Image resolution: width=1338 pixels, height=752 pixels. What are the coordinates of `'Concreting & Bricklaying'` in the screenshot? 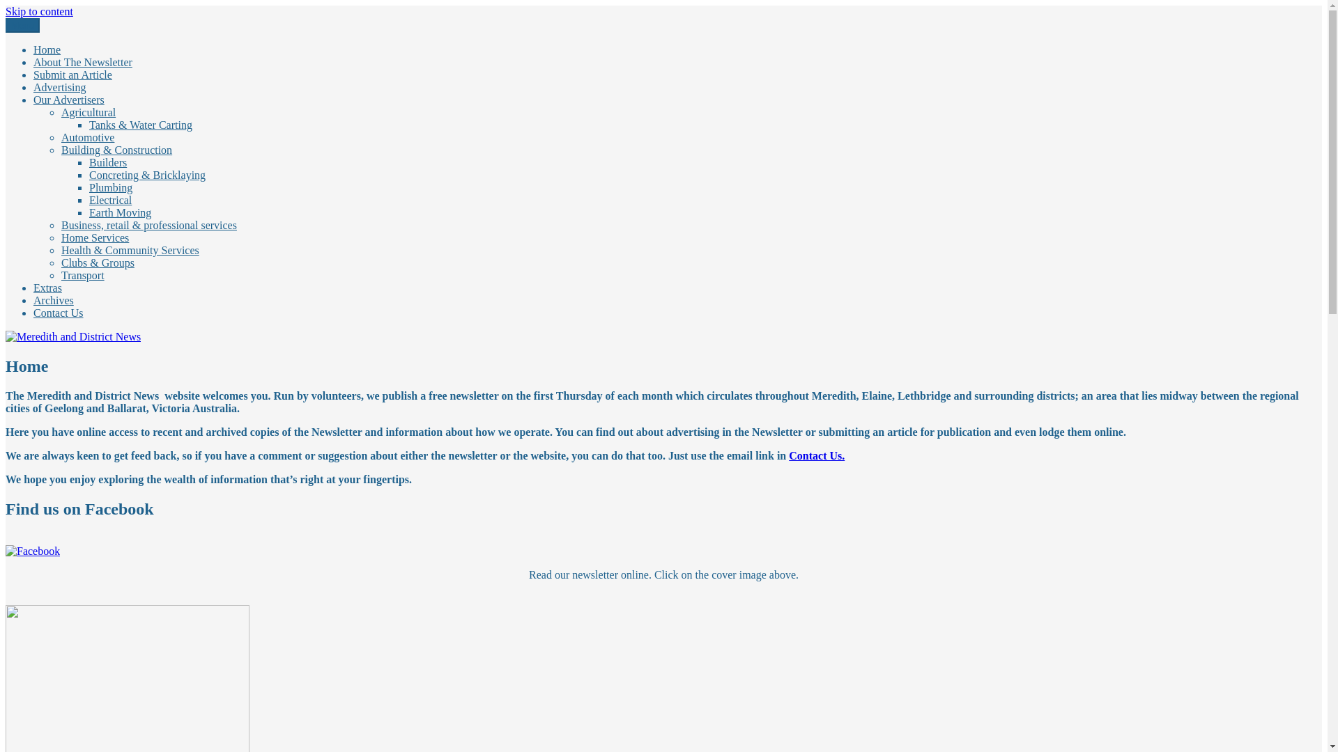 It's located at (147, 174).